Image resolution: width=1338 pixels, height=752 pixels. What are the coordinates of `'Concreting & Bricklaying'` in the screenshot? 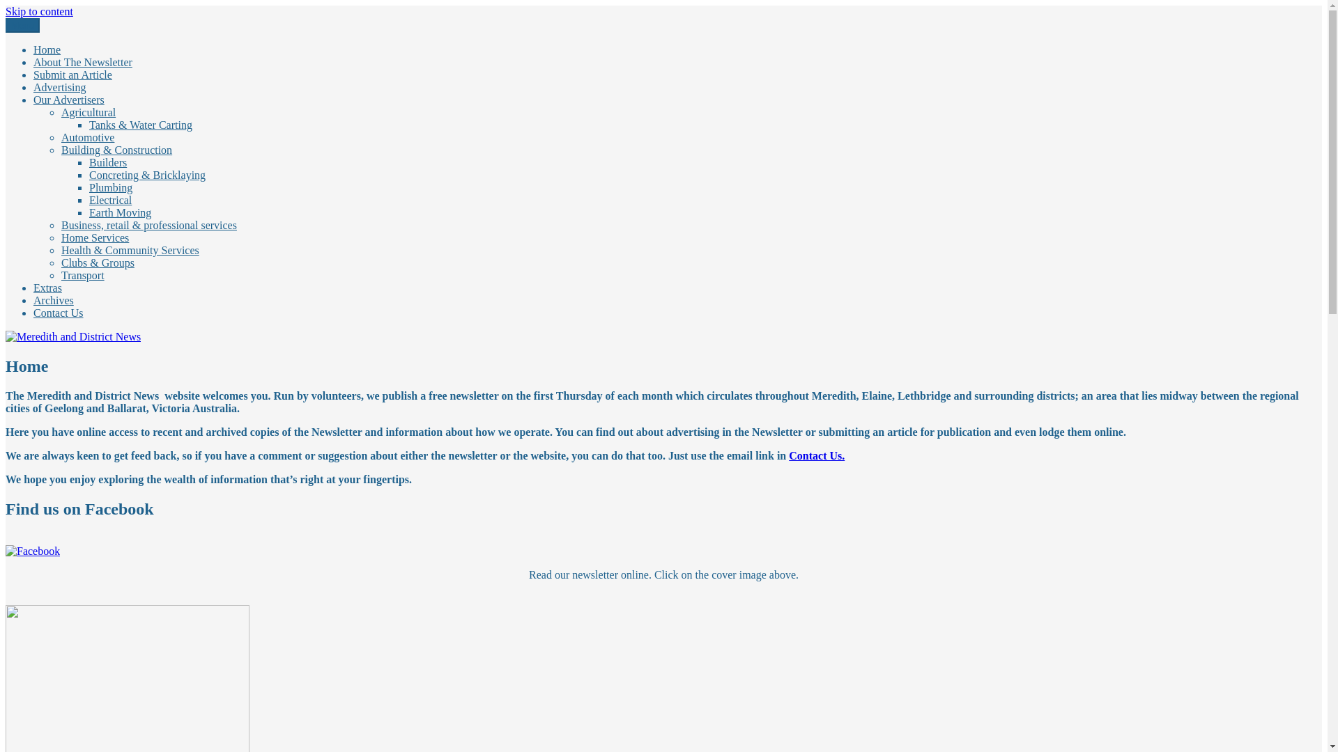 It's located at (147, 174).